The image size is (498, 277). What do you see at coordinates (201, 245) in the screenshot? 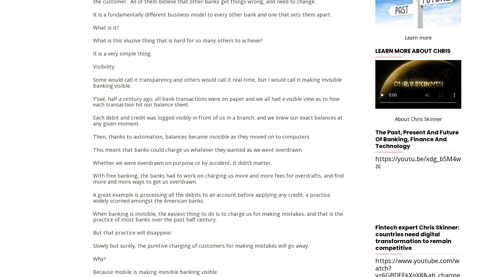
I see `'Slowly but surely, the punitive charging of customers for making mistakes will go away.'` at bounding box center [201, 245].